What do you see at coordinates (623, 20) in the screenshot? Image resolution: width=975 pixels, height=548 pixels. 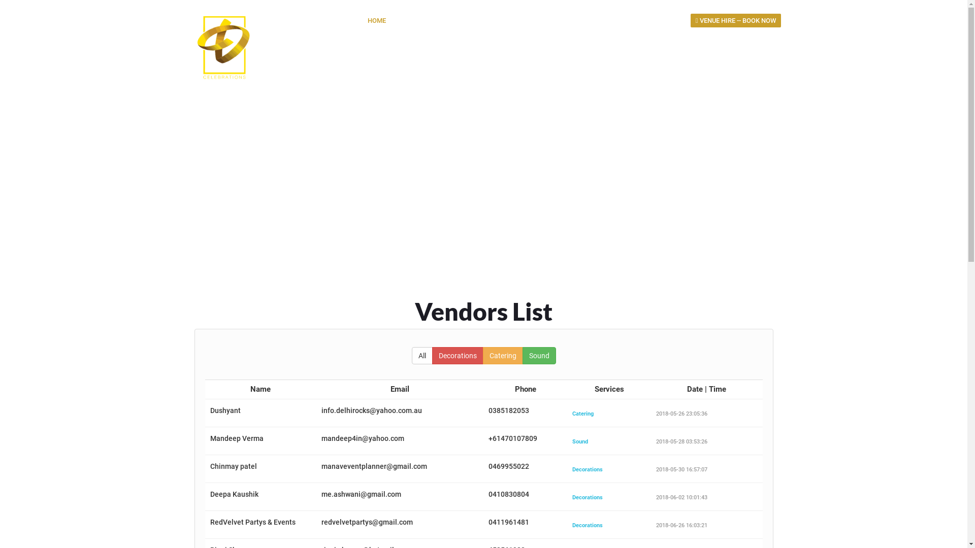 I see `'BLOG'` at bounding box center [623, 20].